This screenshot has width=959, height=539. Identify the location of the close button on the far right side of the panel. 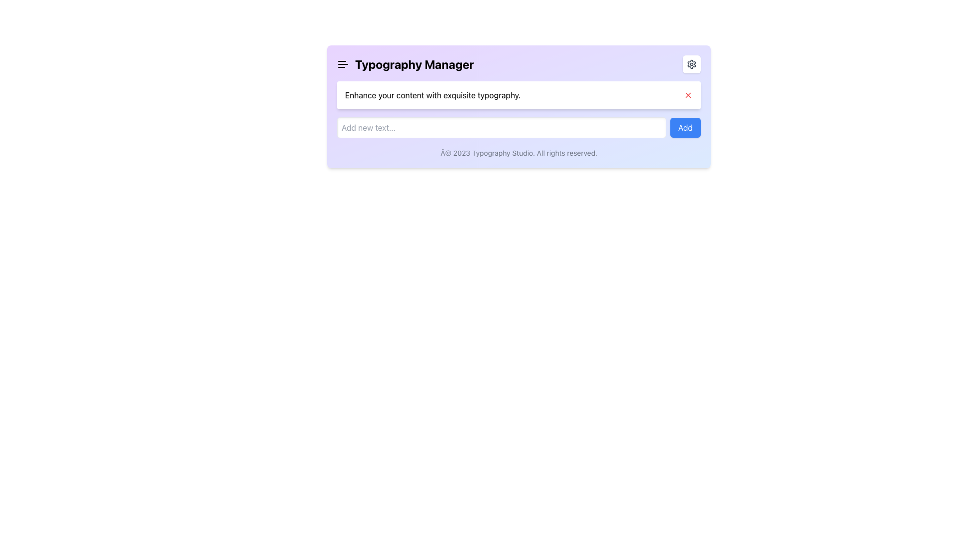
(687, 95).